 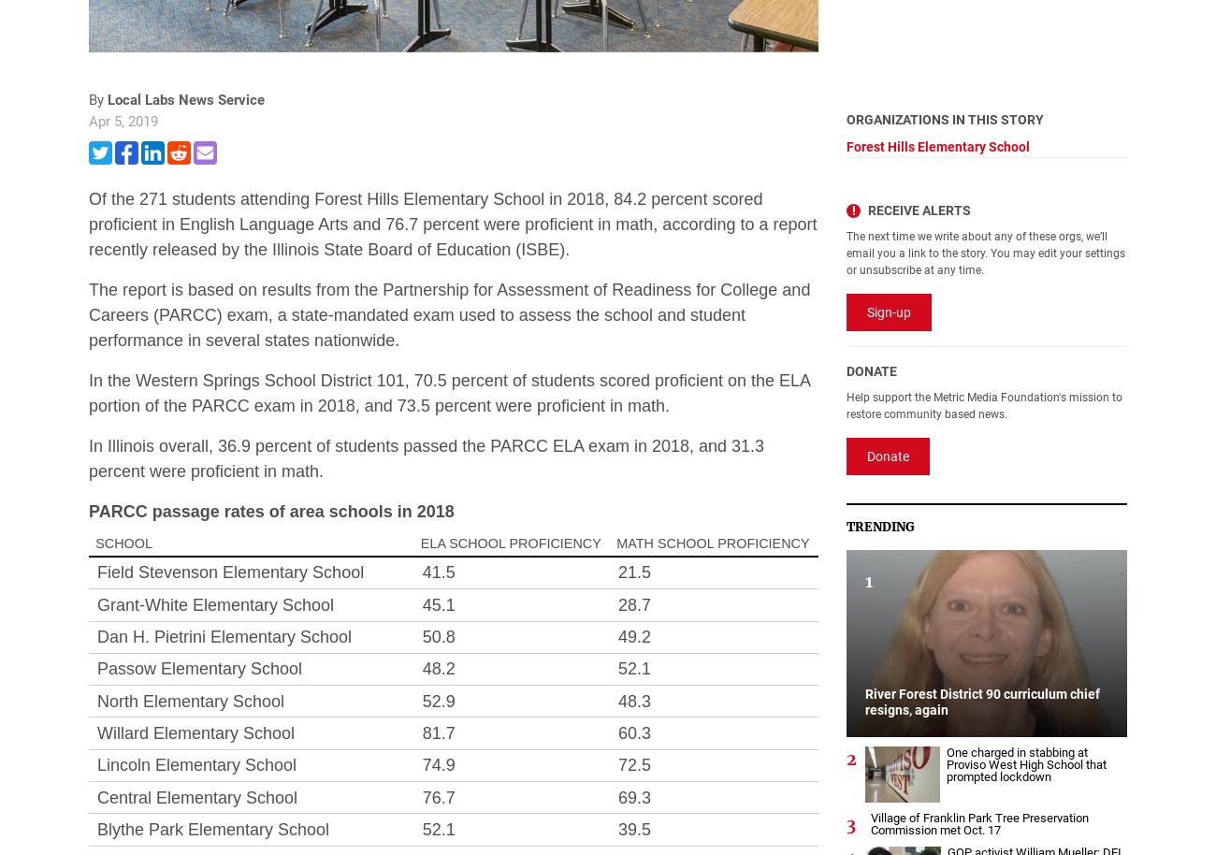 What do you see at coordinates (89, 391) in the screenshot?
I see `'In the Western Springs School District 101, 70.5 percent of students scored proficient on the ELA portion of the PARCC exam in 2018, and 73.5 percent were proficient in math.'` at bounding box center [89, 391].